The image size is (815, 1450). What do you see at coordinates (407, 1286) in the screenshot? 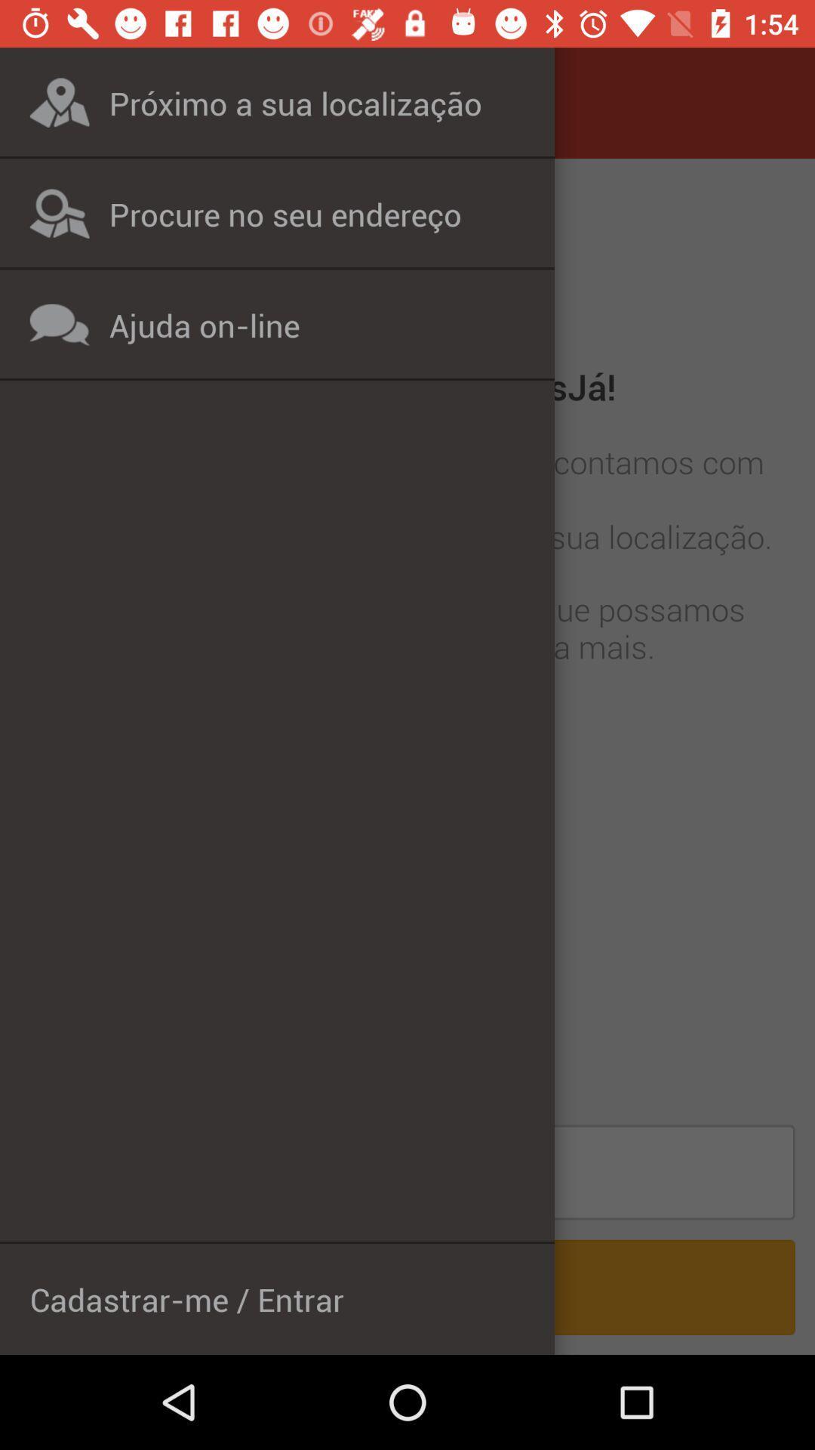
I see `the bottom line on the screen cadastrarme  entrar` at bounding box center [407, 1286].